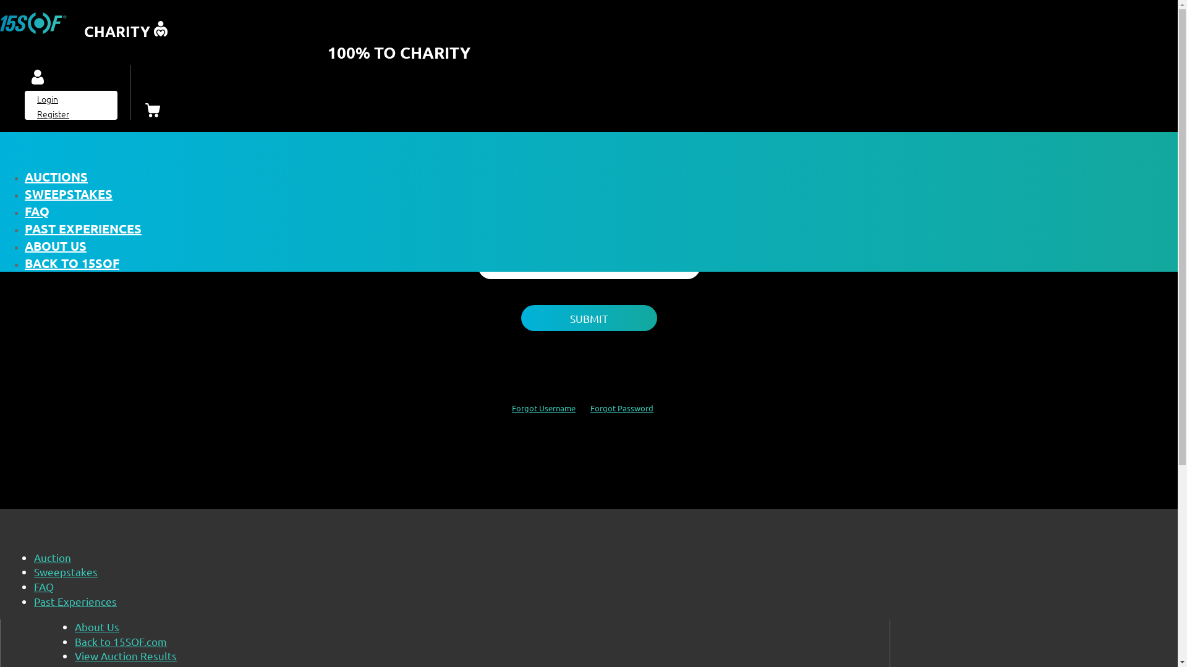  Describe the element at coordinates (55, 245) in the screenshot. I see `'ABOUT US'` at that location.